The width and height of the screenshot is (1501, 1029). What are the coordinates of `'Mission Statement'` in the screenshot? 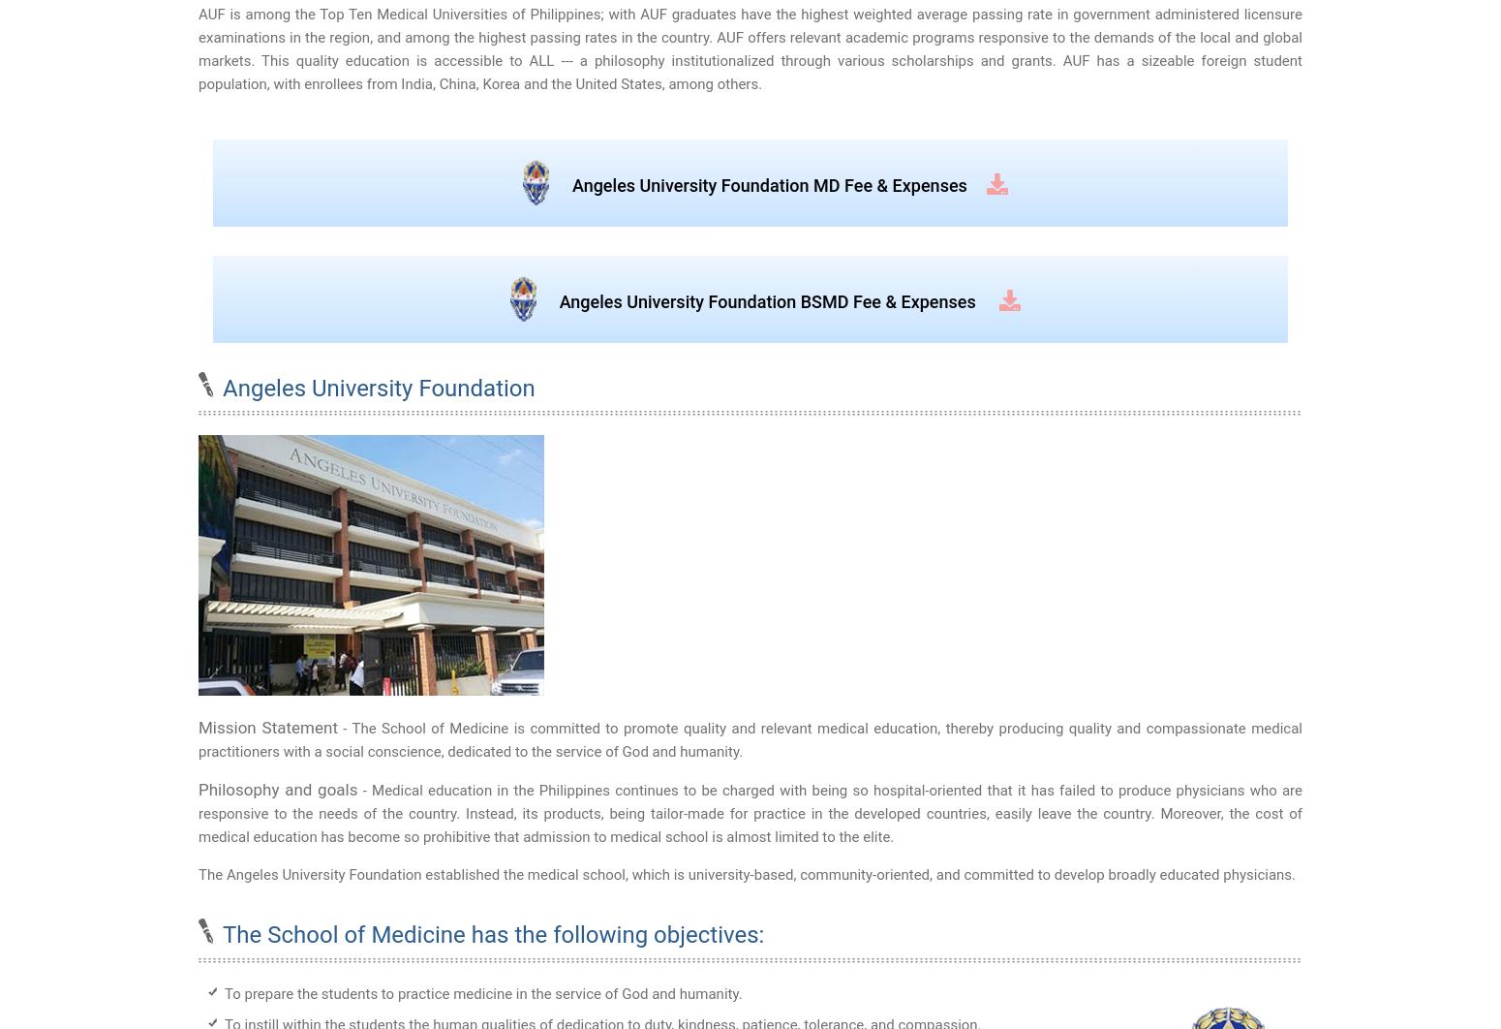 It's located at (267, 728).